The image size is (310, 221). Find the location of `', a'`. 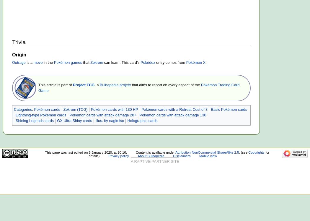

', a' is located at coordinates (97, 85).